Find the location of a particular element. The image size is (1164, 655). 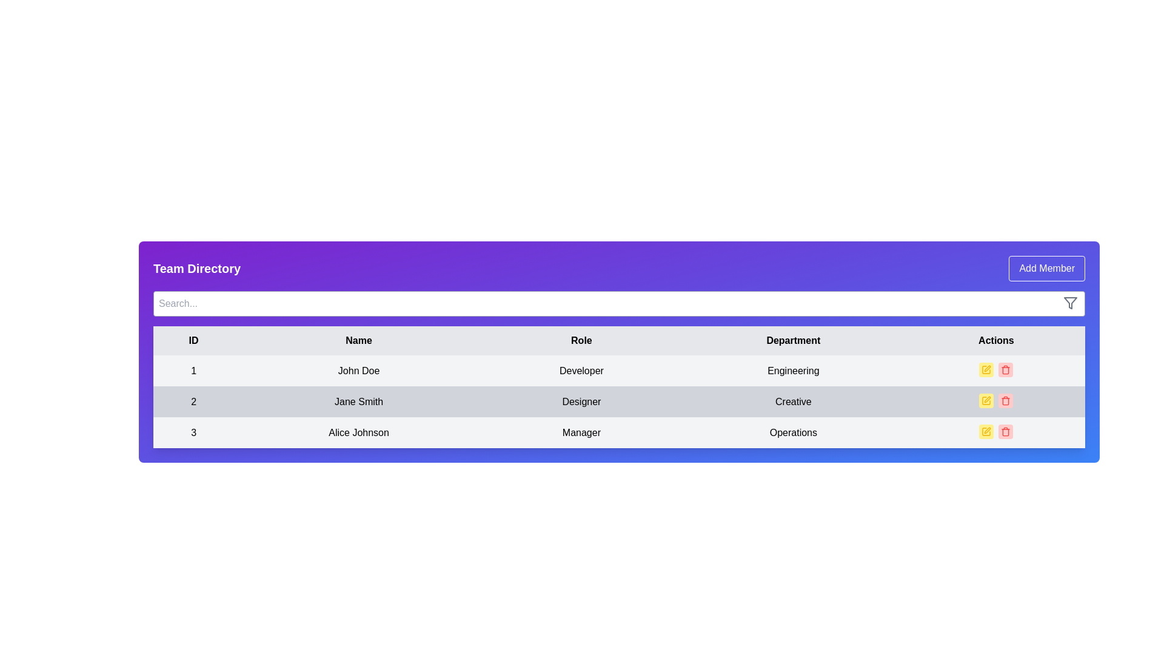

the 'ID' column text of the second entry is located at coordinates (193, 401).